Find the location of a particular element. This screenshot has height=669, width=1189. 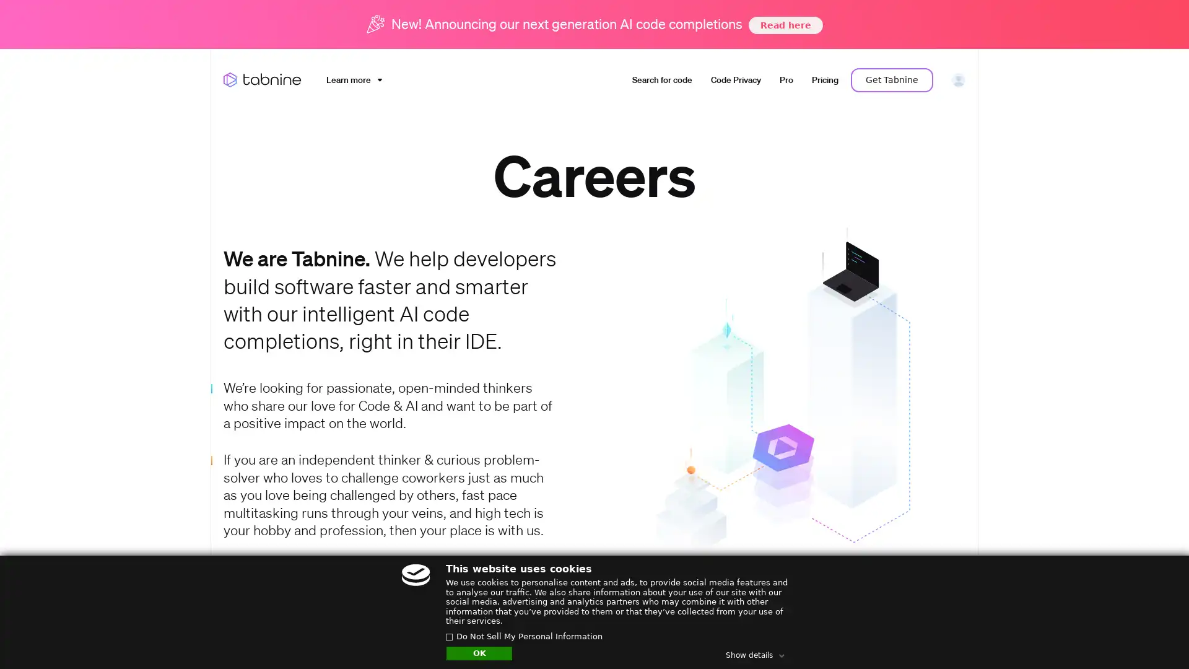

Read here is located at coordinates (784, 24).